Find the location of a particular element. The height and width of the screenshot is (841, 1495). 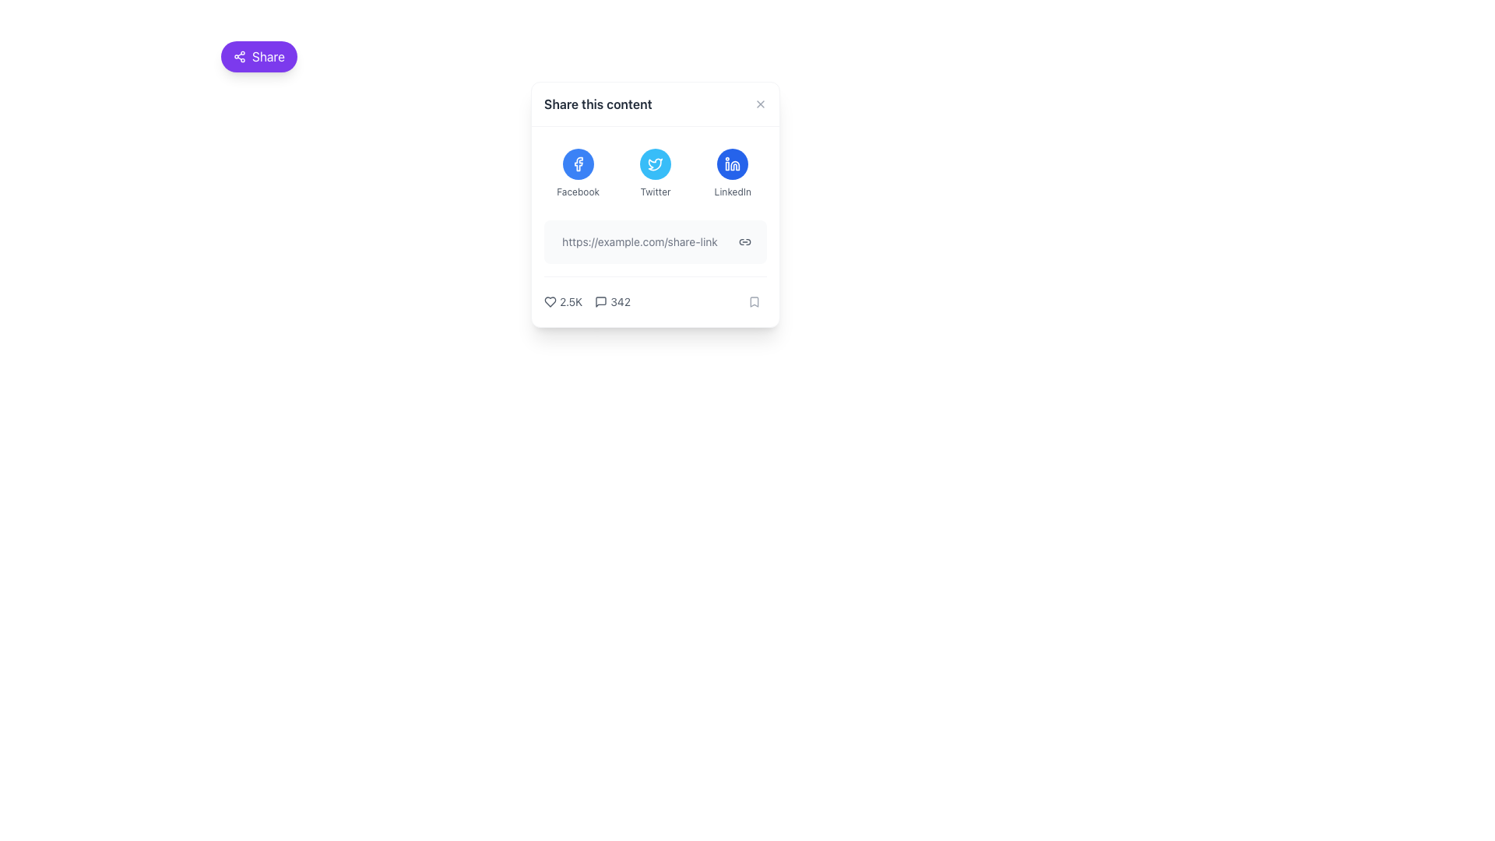

the numeric count text indicating the total number of comments ('2.5K') is located at coordinates (612, 302).